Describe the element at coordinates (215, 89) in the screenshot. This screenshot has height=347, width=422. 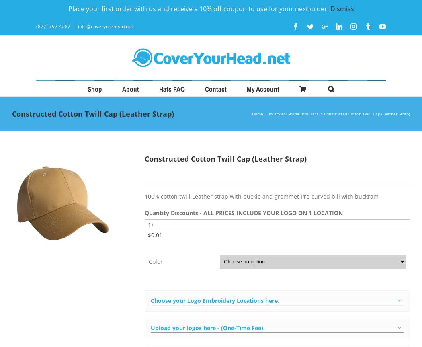
I see `'Contact'` at that location.